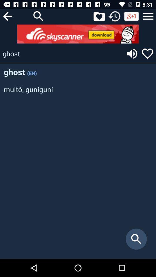  Describe the element at coordinates (7, 16) in the screenshot. I see `go back` at that location.